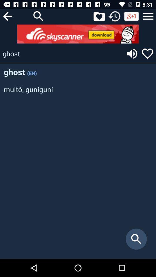  Describe the element at coordinates (7, 16) in the screenshot. I see `go back` at that location.